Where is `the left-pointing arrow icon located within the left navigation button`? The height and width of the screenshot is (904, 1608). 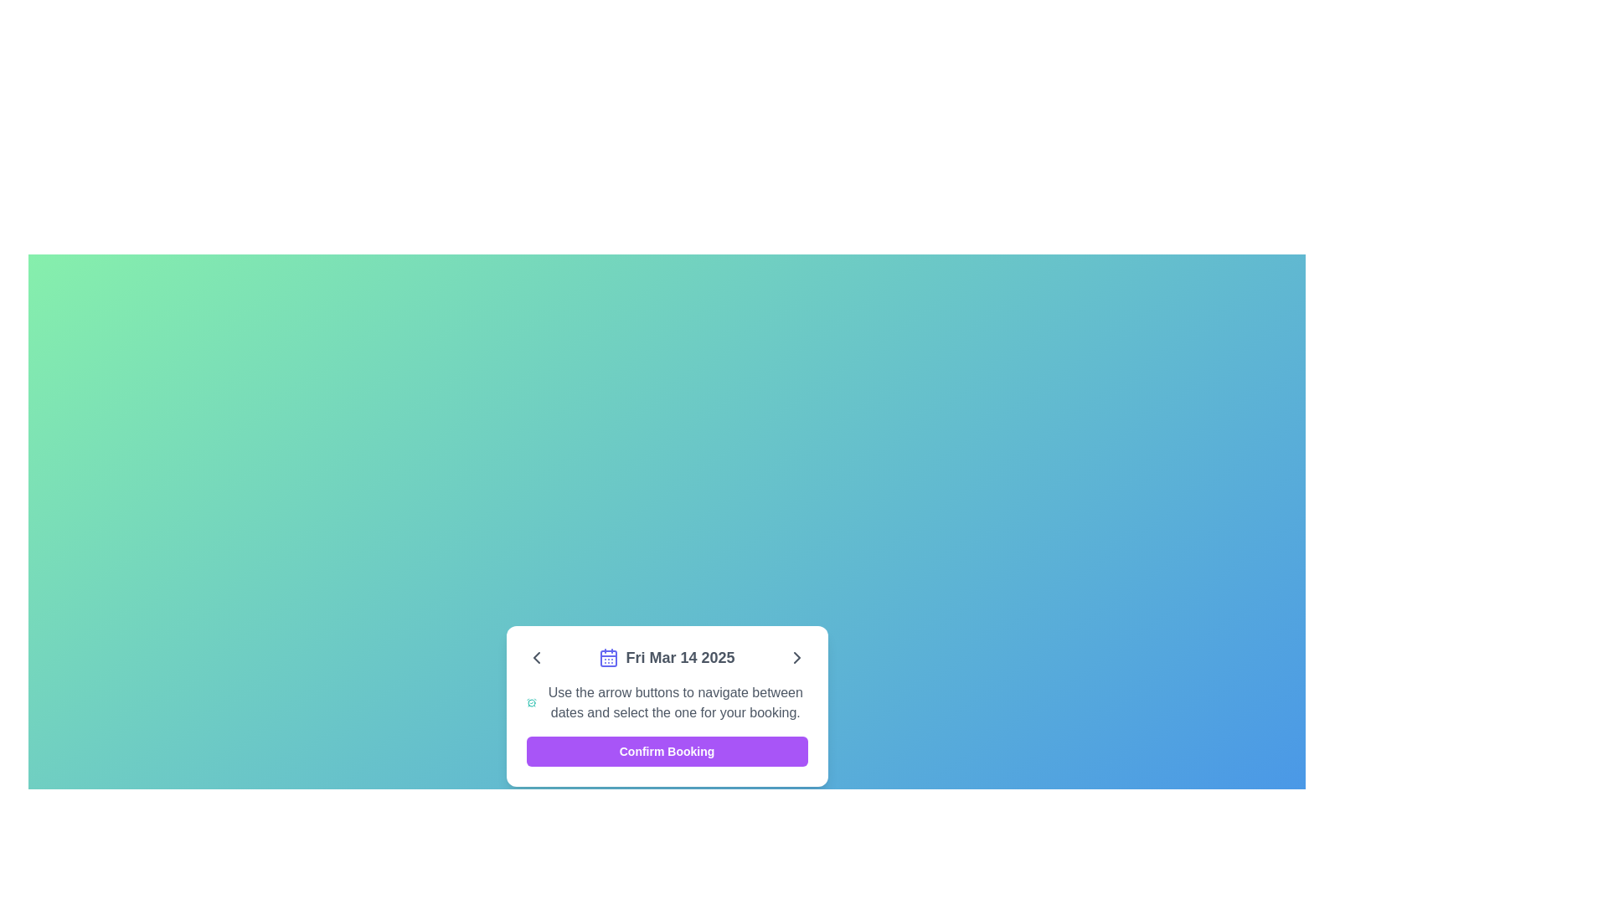 the left-pointing arrow icon located within the left navigation button is located at coordinates (536, 657).